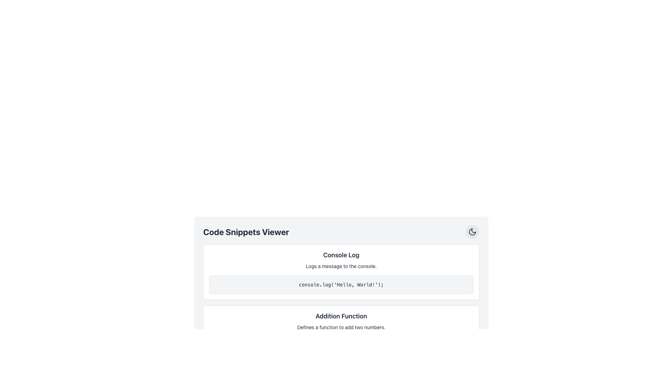 The height and width of the screenshot is (375, 667). What do you see at coordinates (341, 266) in the screenshot?
I see `explanatory text description provided by the Text Label located below the 'Console Log' title` at bounding box center [341, 266].